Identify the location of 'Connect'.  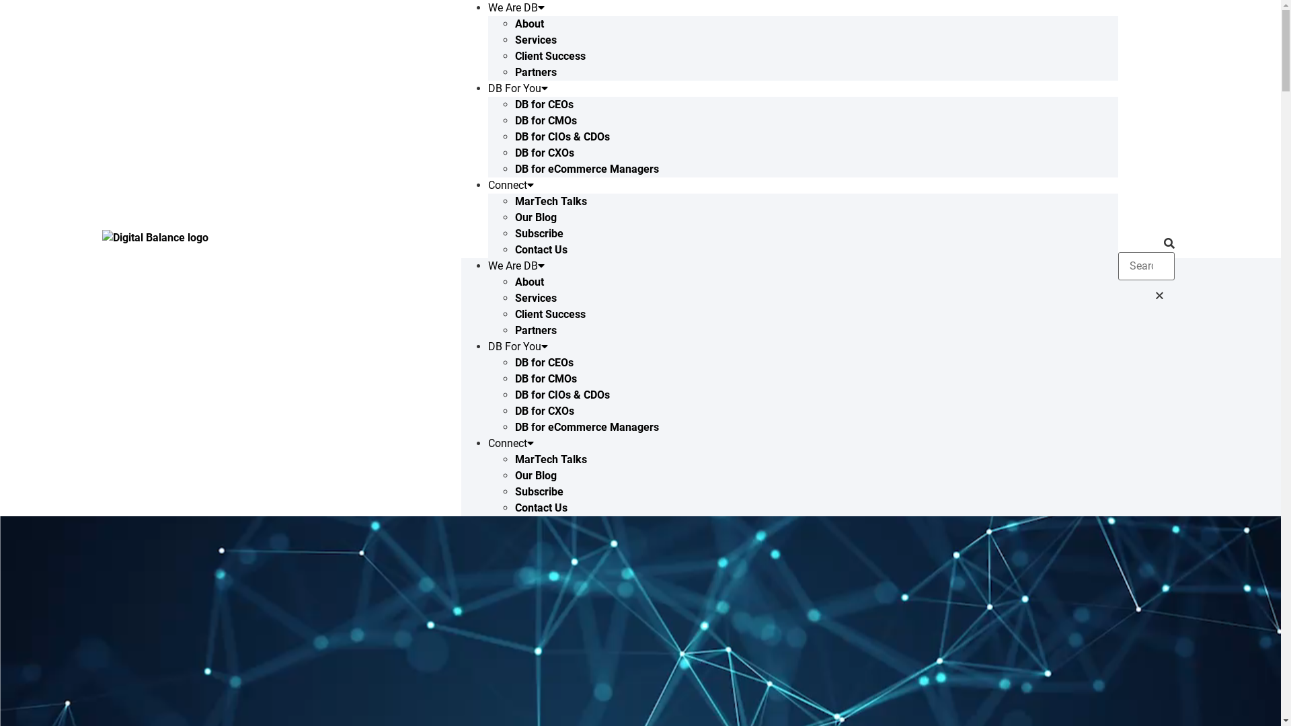
(510, 185).